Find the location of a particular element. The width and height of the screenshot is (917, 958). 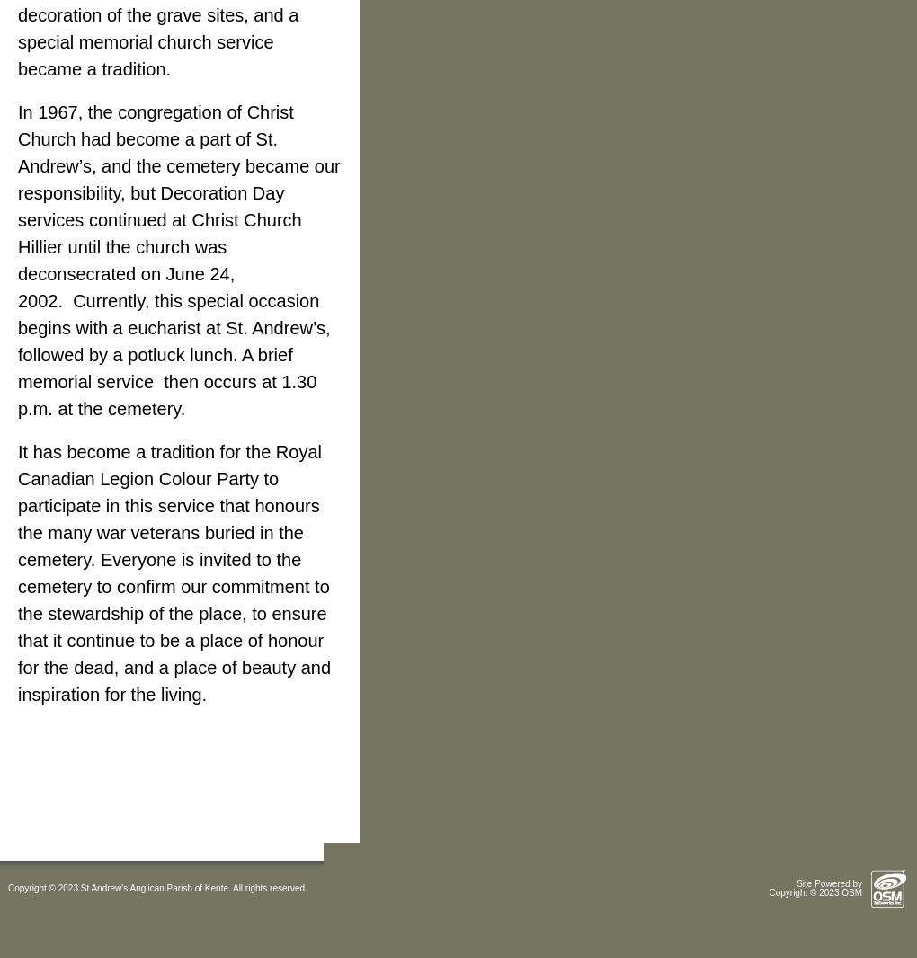

'Site Powered by' is located at coordinates (829, 883).